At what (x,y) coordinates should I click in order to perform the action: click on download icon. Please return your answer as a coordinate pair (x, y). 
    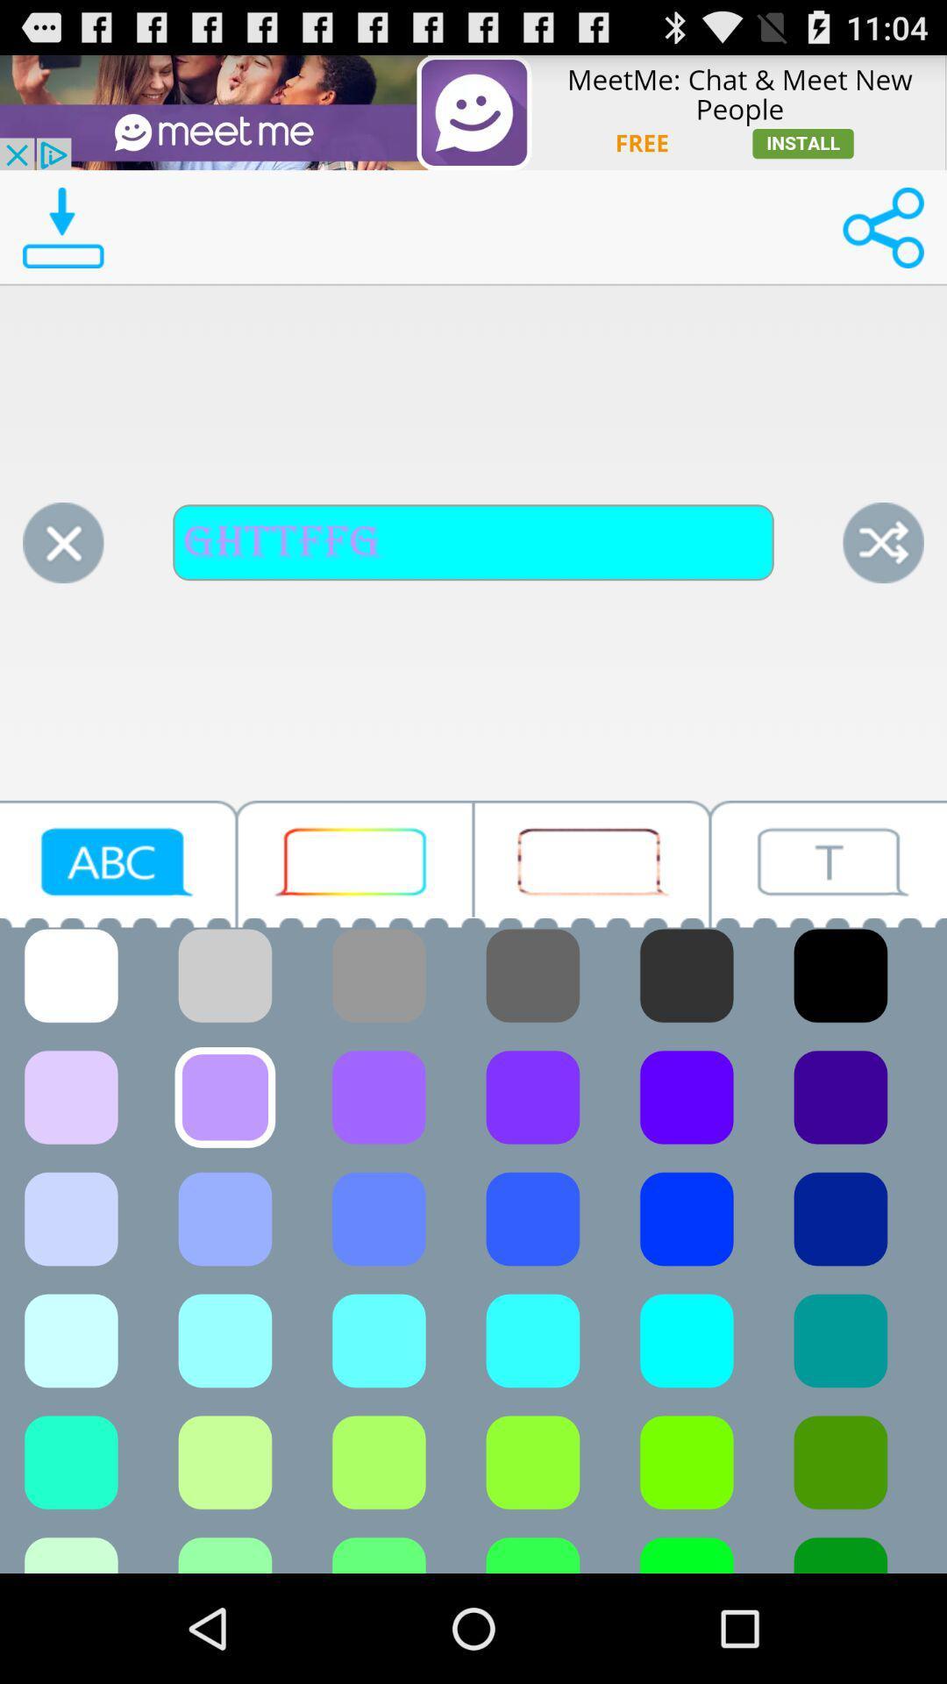
    Looking at the image, I should click on (62, 226).